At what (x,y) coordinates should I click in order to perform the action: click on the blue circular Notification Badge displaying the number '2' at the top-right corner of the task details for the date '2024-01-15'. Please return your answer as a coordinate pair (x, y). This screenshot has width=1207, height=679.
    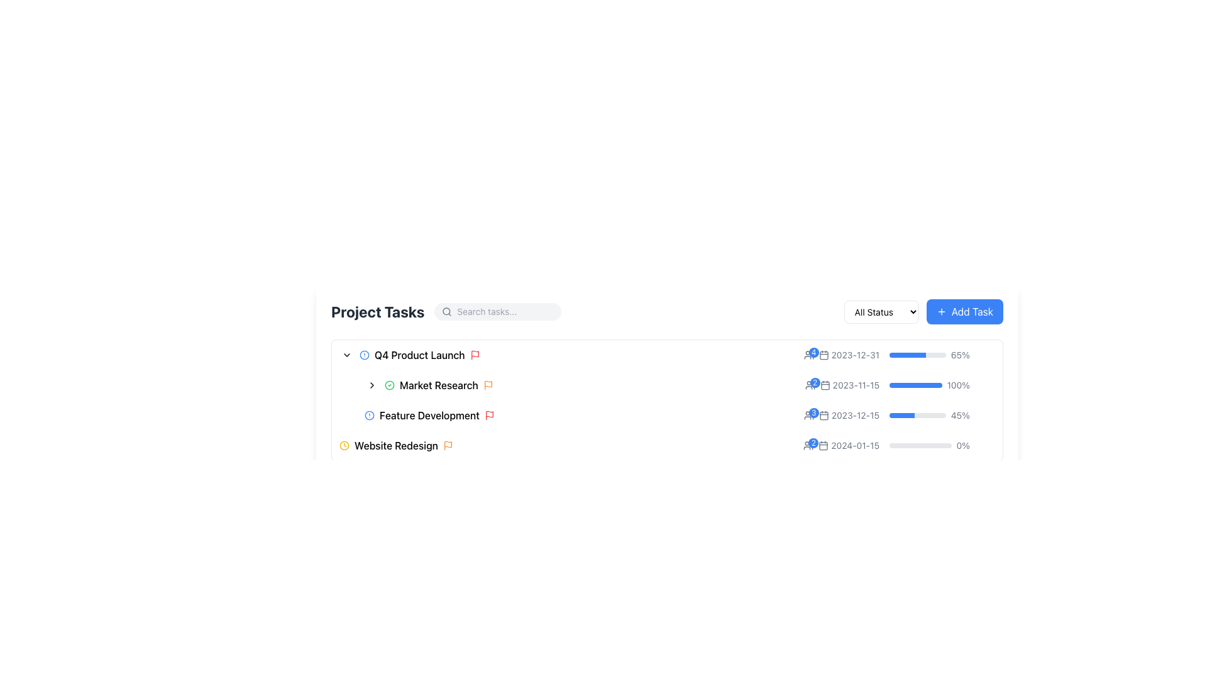
    Looking at the image, I should click on (815, 382).